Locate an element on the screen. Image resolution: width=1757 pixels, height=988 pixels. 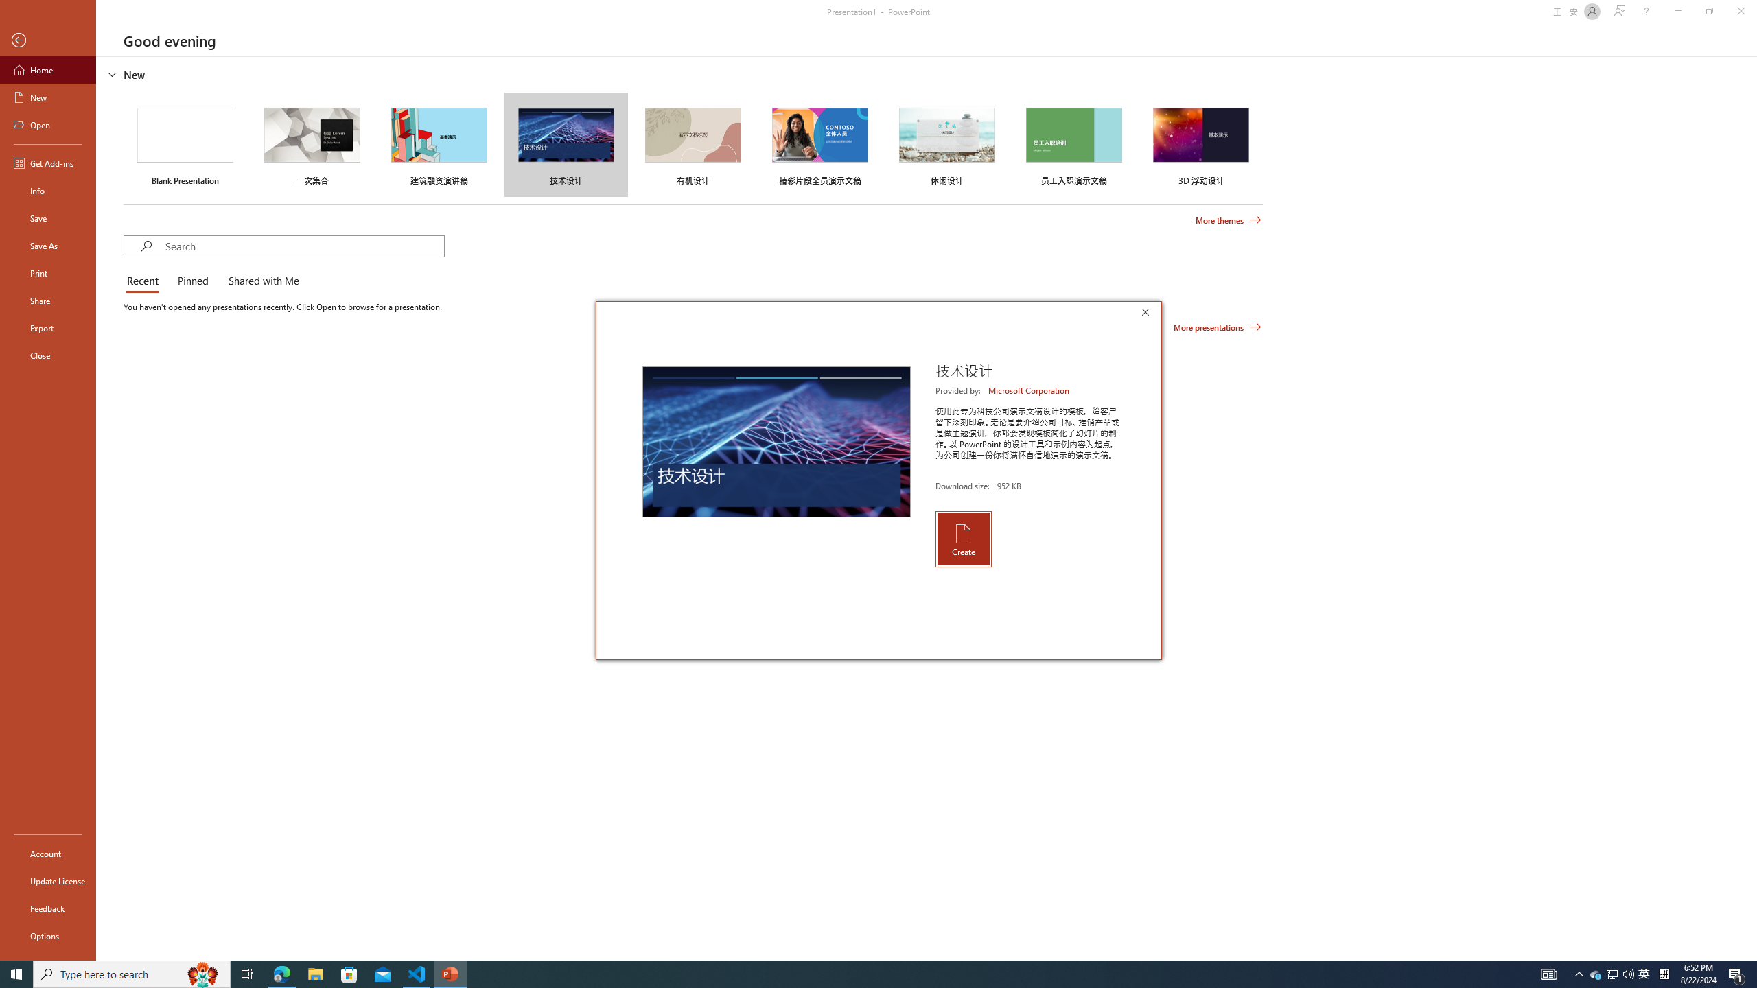
'New' is located at coordinates (47, 97).